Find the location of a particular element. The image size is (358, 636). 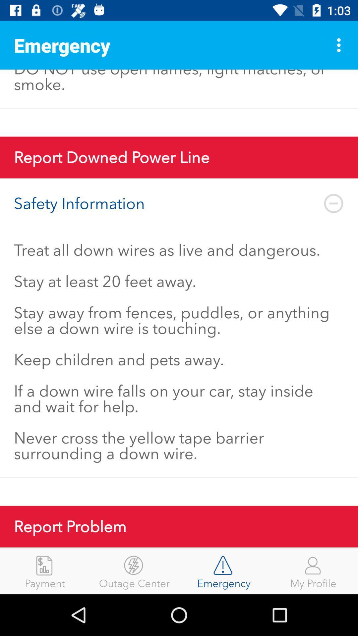

icon above treat all down is located at coordinates (179, 203).